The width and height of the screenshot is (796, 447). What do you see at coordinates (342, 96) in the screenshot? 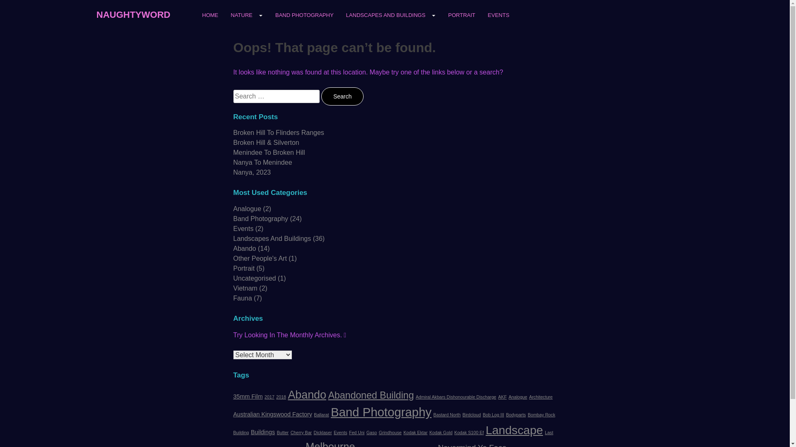
I see `'Search'` at bounding box center [342, 96].